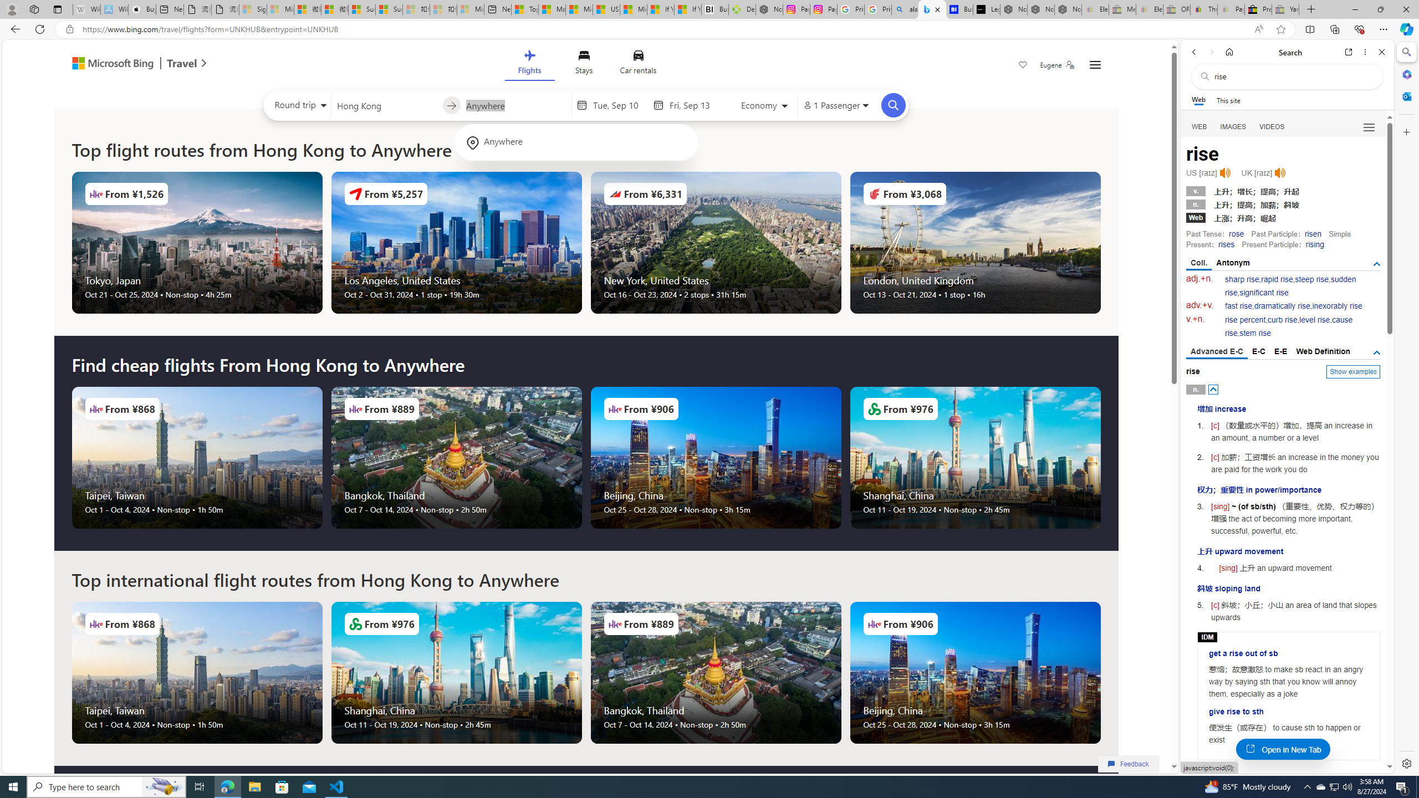 This screenshot has width=1419, height=798. I want to click on 'IMAGES', so click(1233, 127).